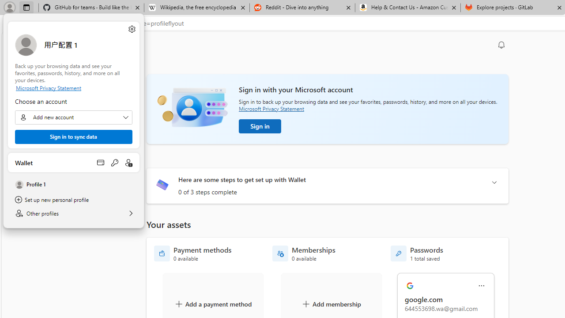  Describe the element at coordinates (74, 117) in the screenshot. I see `'Choose an account'` at that location.